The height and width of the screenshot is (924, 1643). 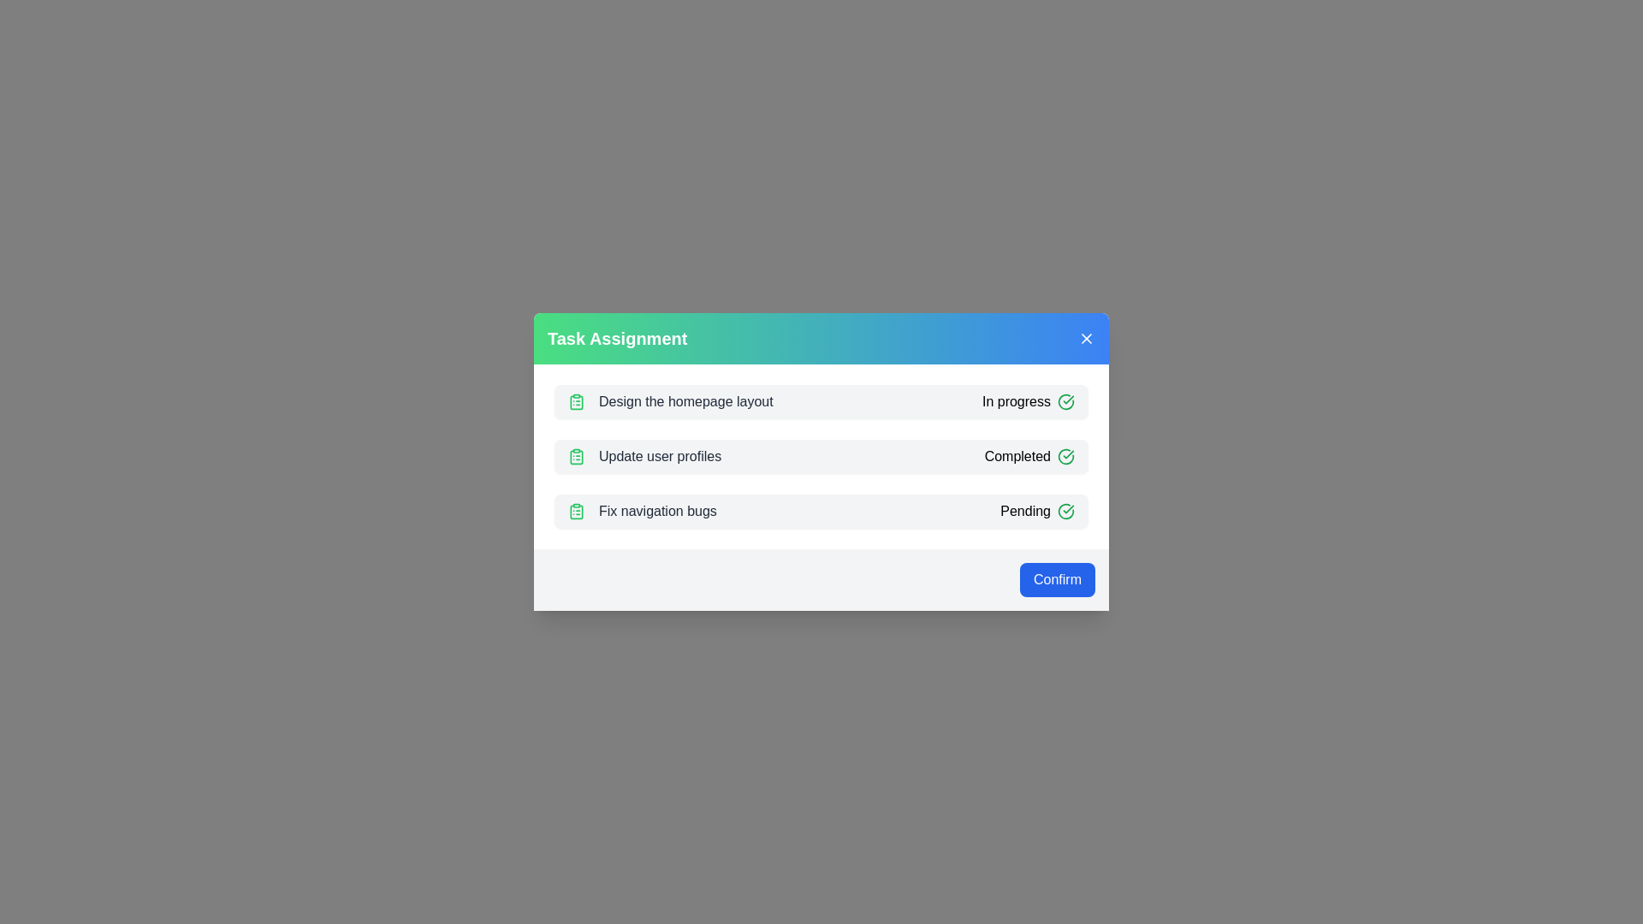 I want to click on the status text label indicating the completion status of the 'Update user profiles' task, so click(x=1029, y=455).